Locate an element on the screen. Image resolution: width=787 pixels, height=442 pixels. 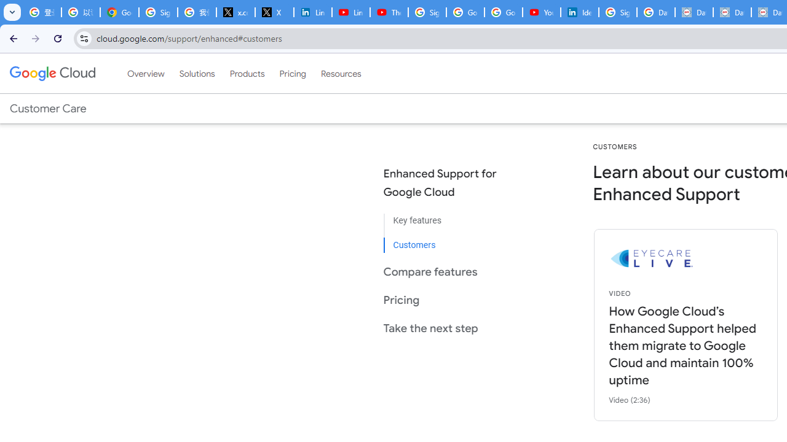
'LinkedIn - YouTube' is located at coordinates (350, 12).